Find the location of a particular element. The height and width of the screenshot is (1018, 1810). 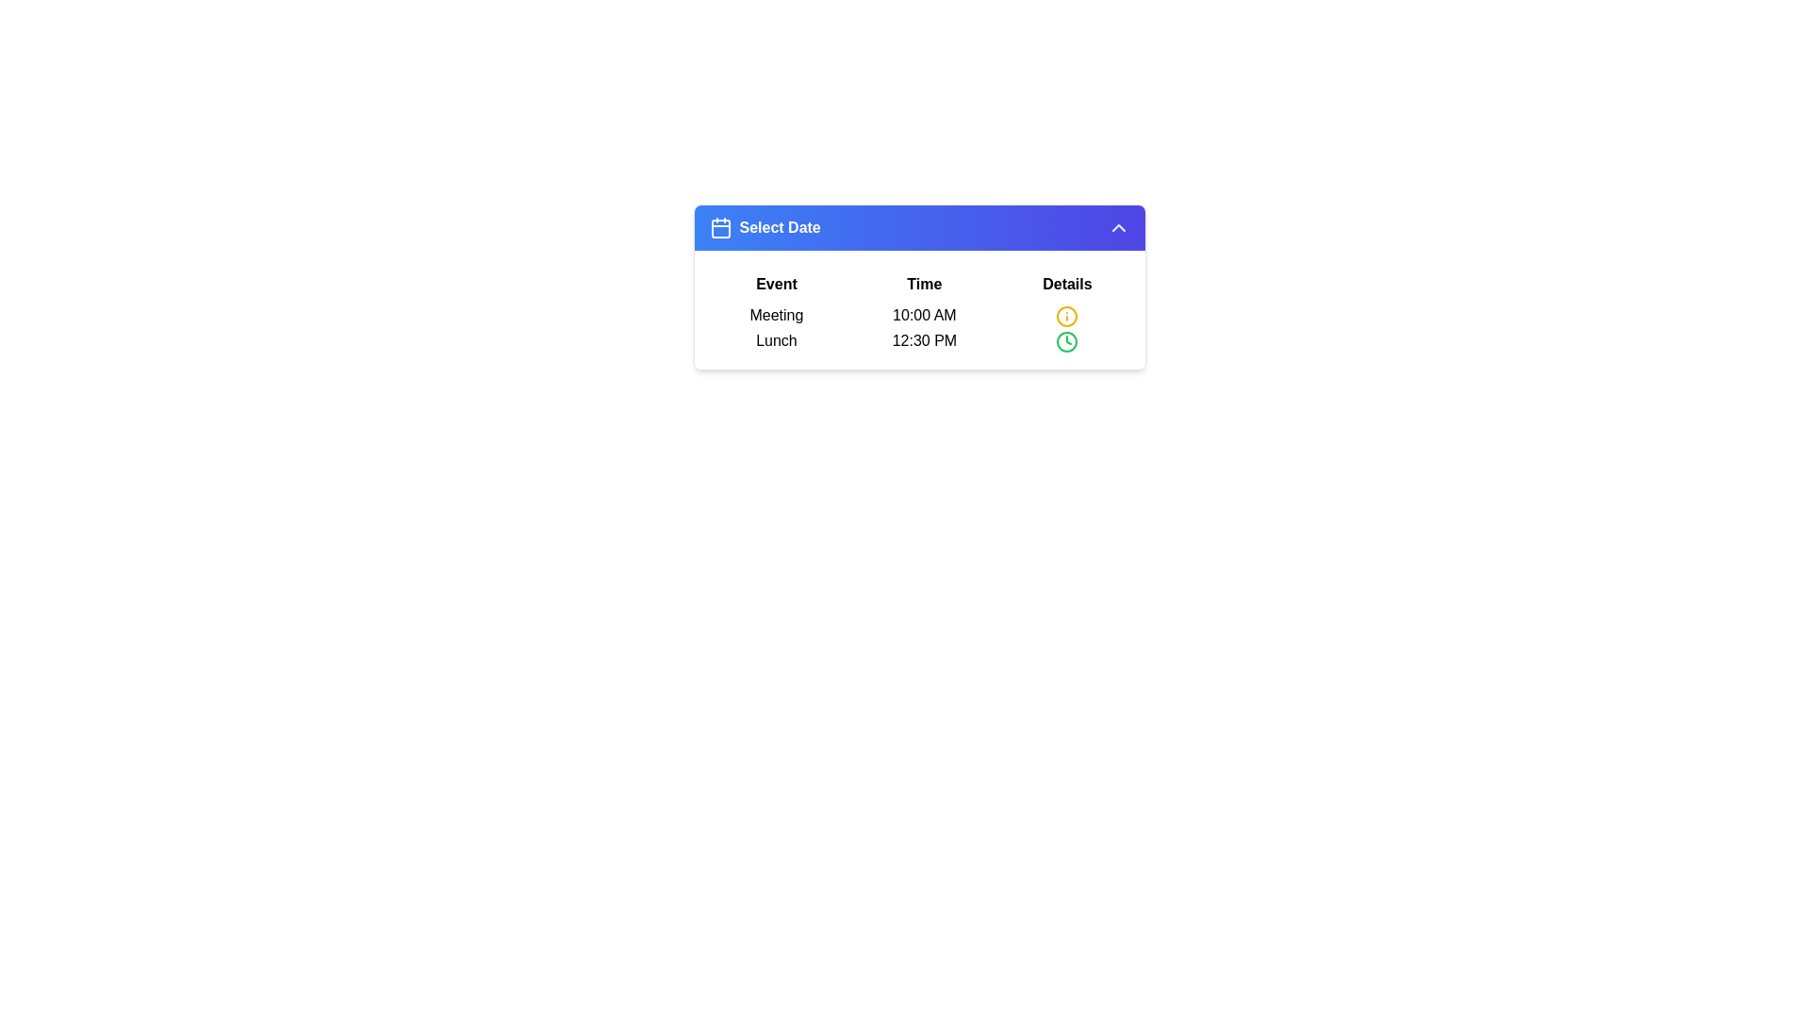

text content of the List Item with Event Information that displays 'Meeting 10:00 AM' along with a small yellow 'info' icon is located at coordinates (919, 315).